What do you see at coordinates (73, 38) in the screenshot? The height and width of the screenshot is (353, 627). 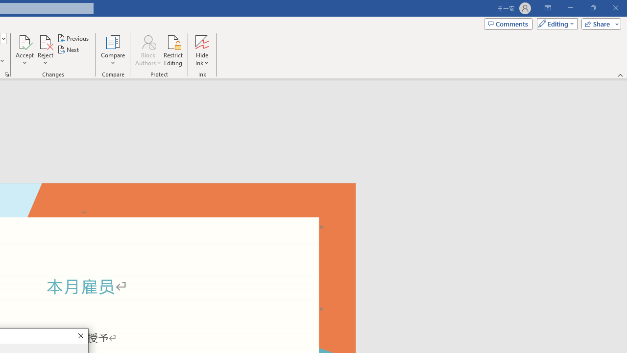 I see `'Previous'` at bounding box center [73, 38].